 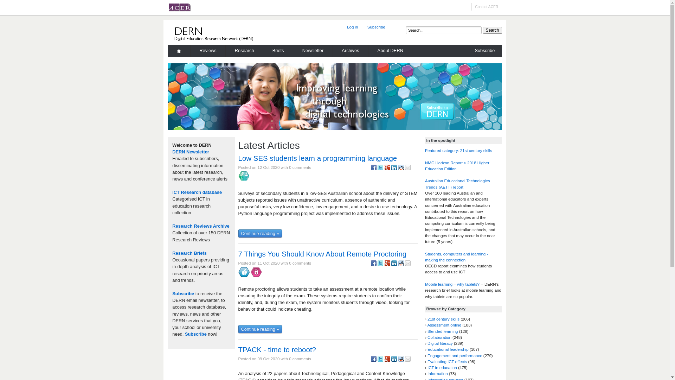 I want to click on 'Archives', so click(x=332, y=51).